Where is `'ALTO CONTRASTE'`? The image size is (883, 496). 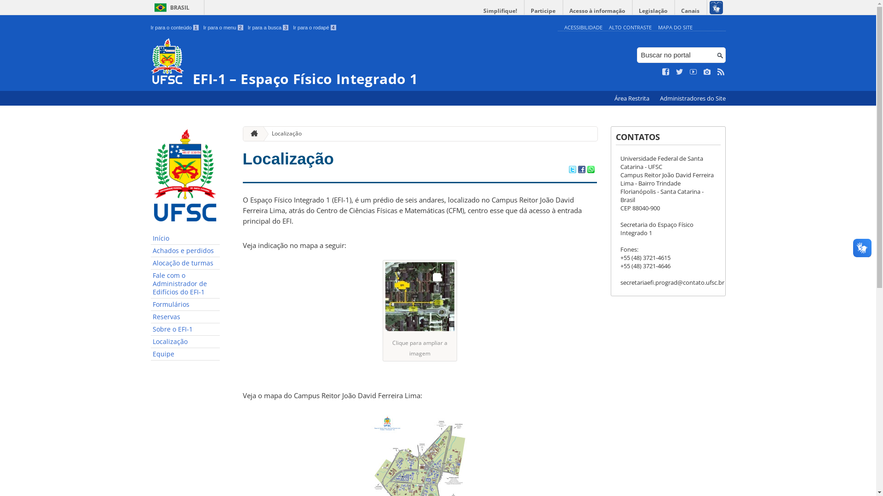
'ALTO CONTRASTE' is located at coordinates (630, 27).